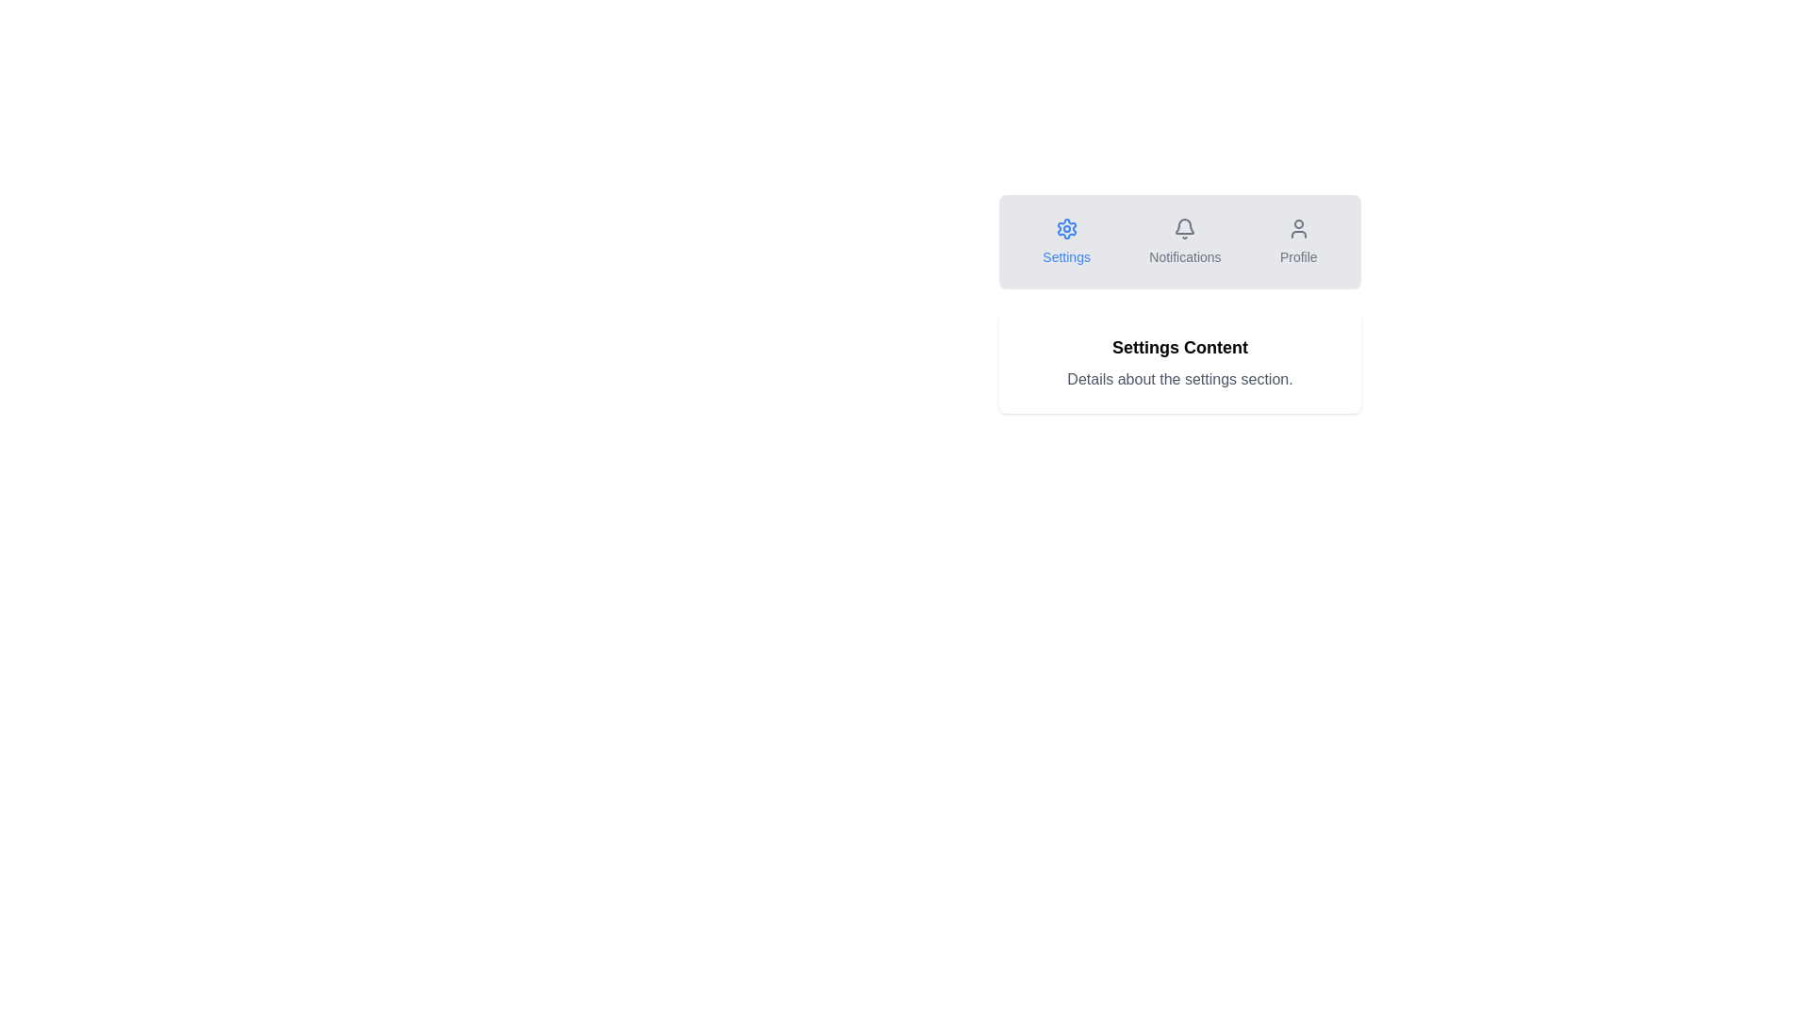 Image resolution: width=1810 pixels, height=1018 pixels. I want to click on the 'Notifications' button, which features a bell icon above the text, styled in gray, located in the central section of a horizontal row between 'Settings' and 'Profile', so click(1184, 241).